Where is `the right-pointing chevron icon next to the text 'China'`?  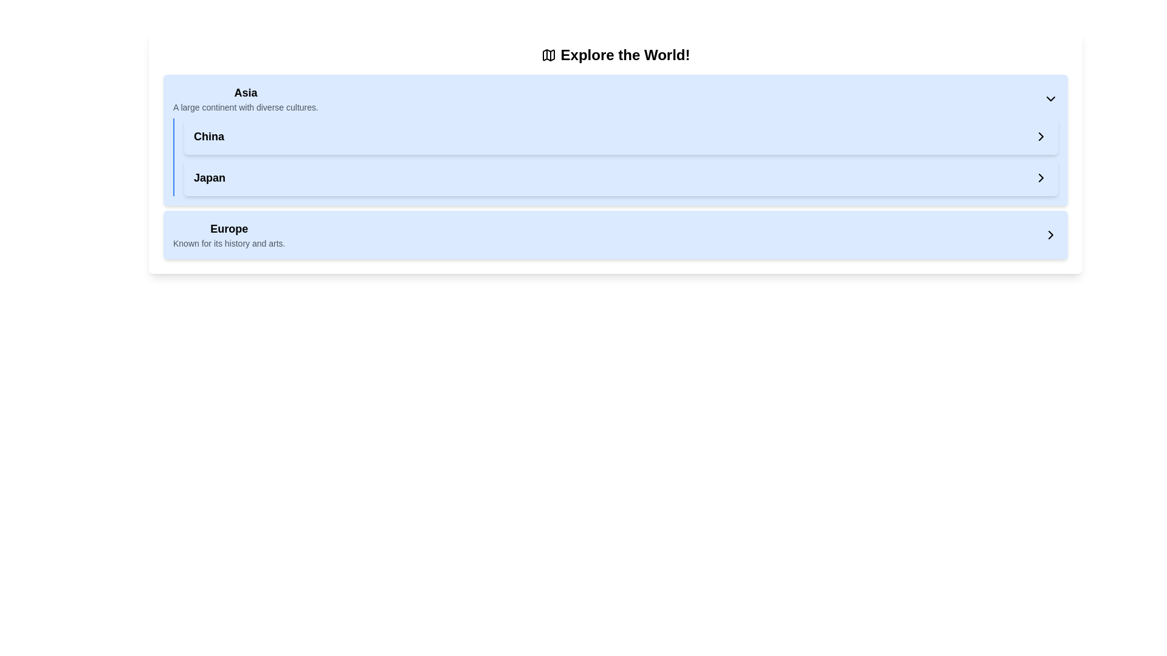
the right-pointing chevron icon next to the text 'China' is located at coordinates (1041, 136).